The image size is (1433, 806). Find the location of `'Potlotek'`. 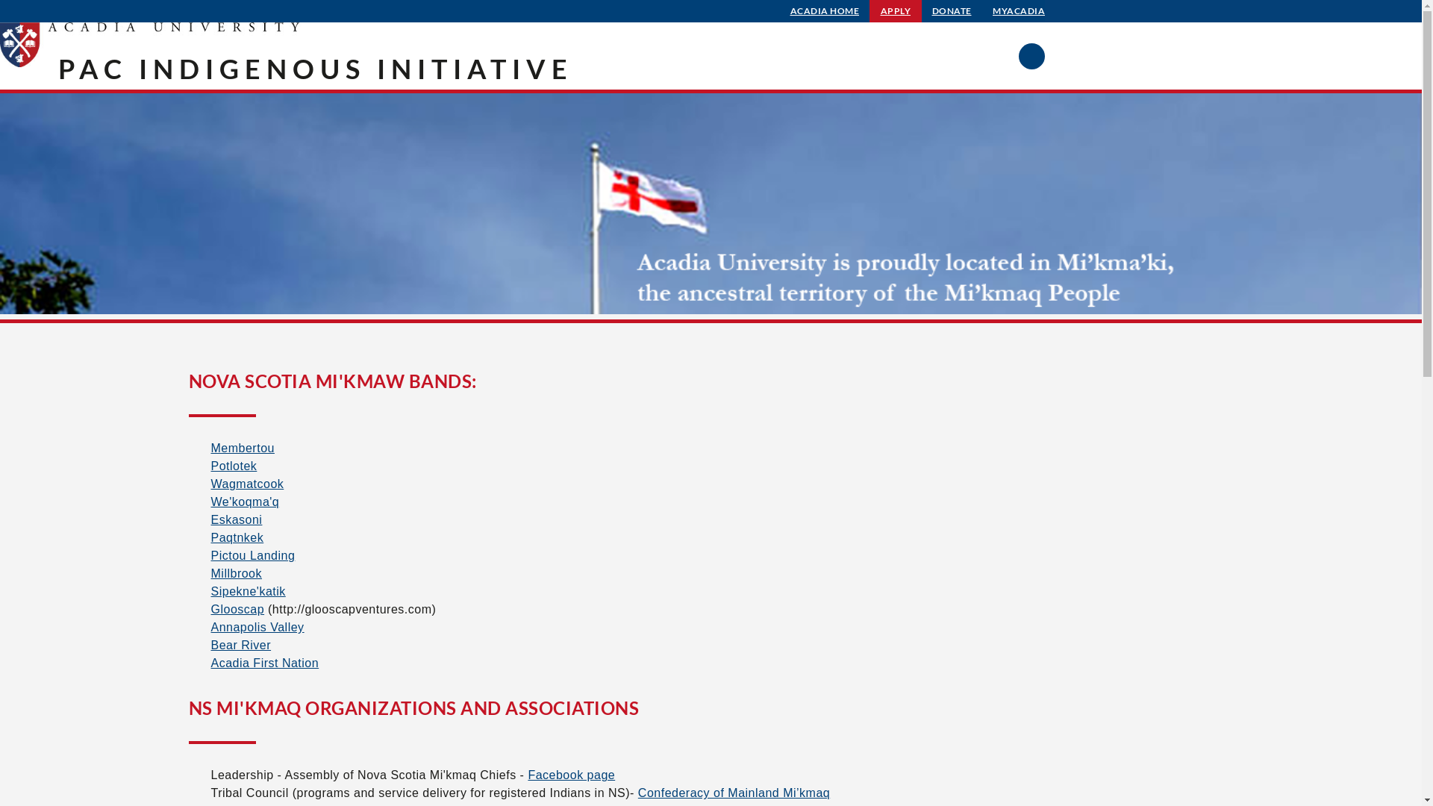

'Potlotek' is located at coordinates (232, 465).